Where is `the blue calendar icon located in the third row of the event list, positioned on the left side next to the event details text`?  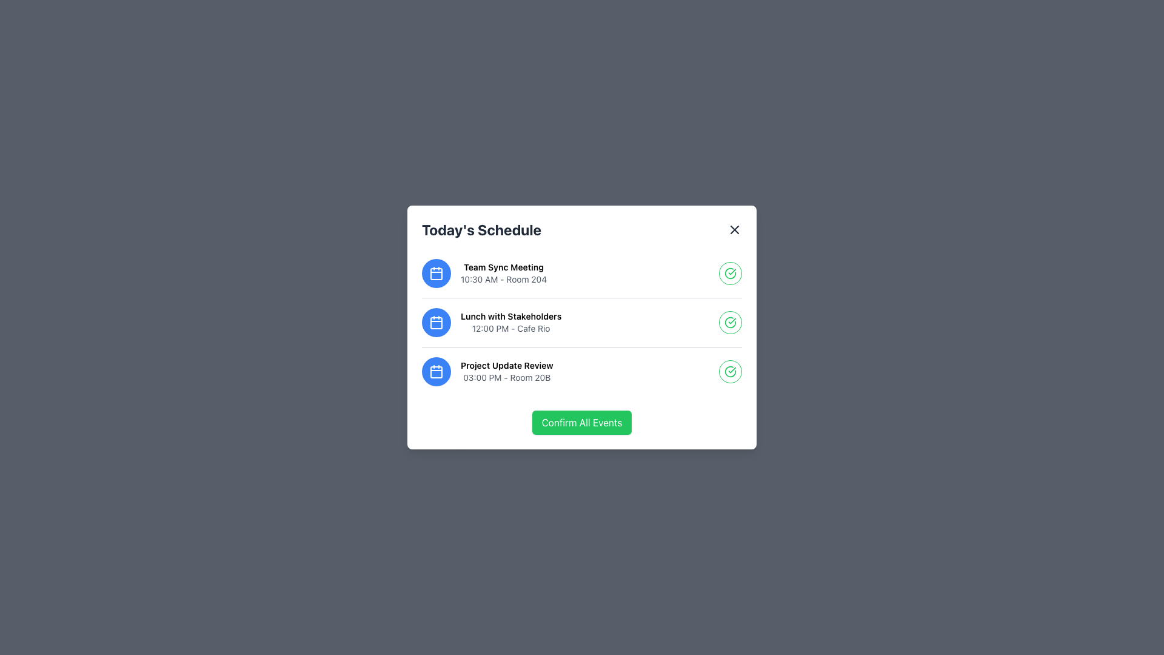 the blue calendar icon located in the third row of the event list, positioned on the left side next to the event details text is located at coordinates (436, 371).